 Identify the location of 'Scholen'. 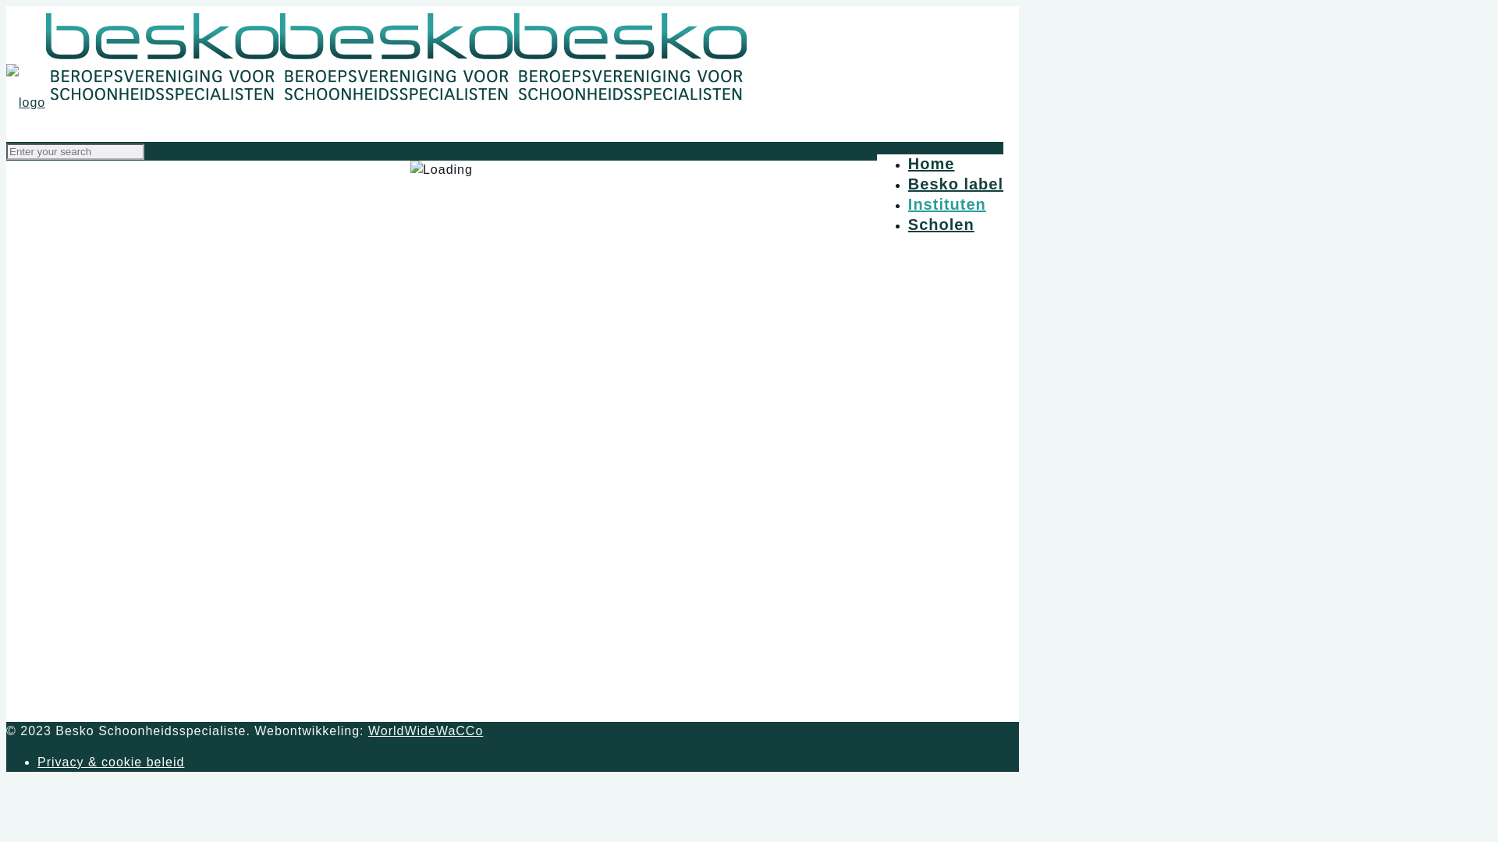
(907, 225).